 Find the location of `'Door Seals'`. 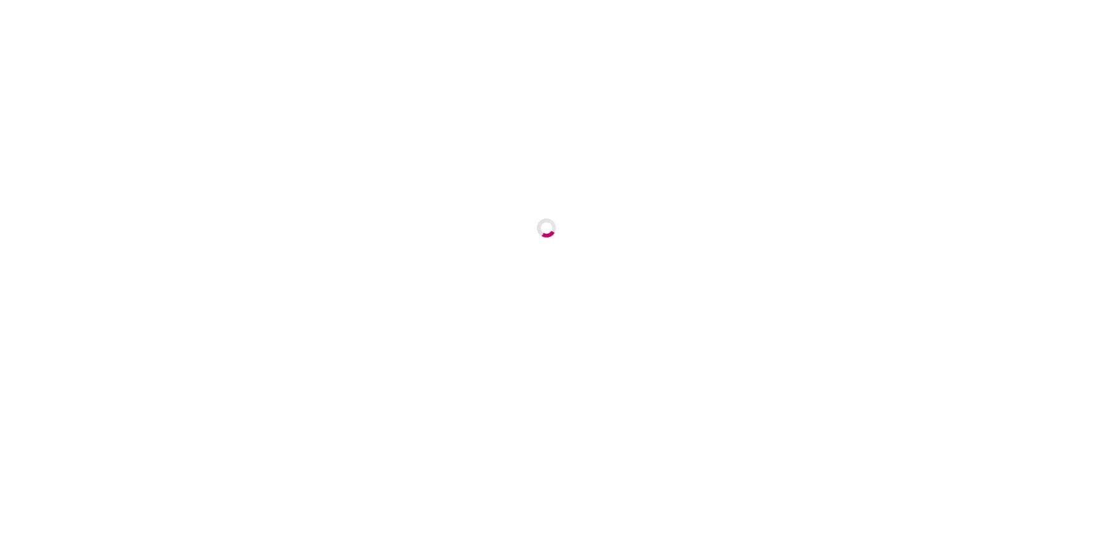

'Door Seals' is located at coordinates (728, 64).